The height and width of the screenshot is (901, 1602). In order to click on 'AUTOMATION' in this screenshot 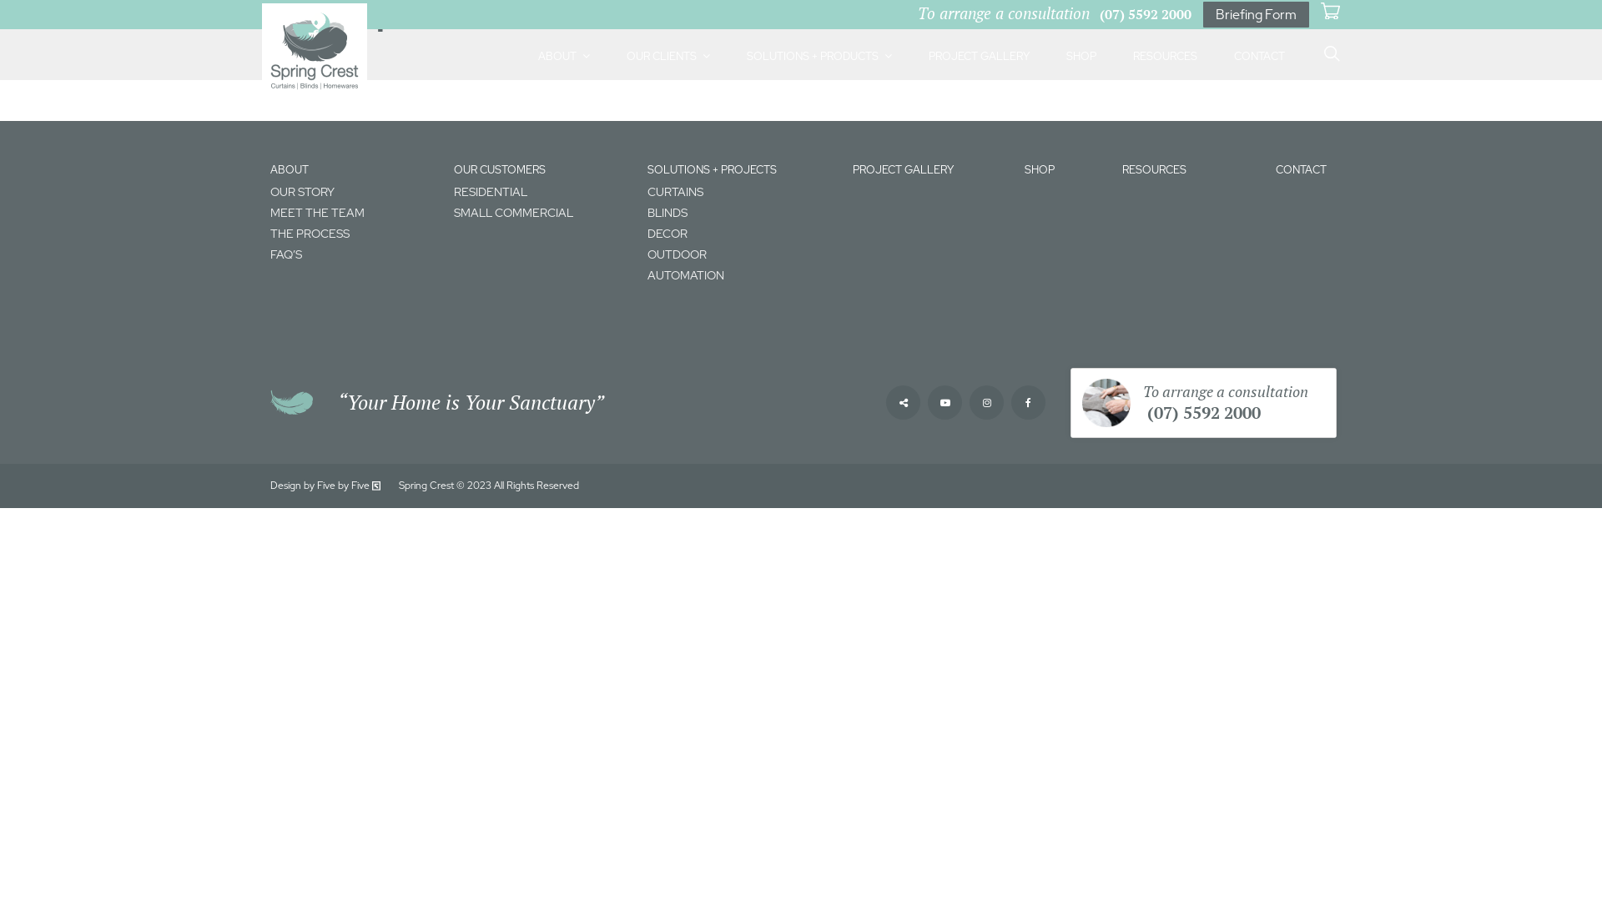, I will do `click(740, 274)`.